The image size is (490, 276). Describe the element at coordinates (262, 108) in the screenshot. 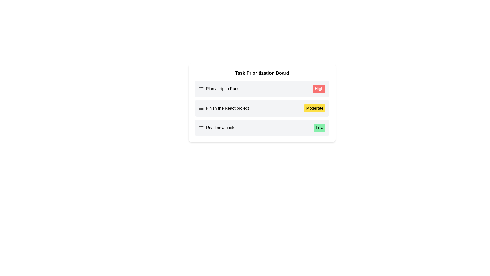

I see `the task item labeled 'Finish the React project'` at that location.